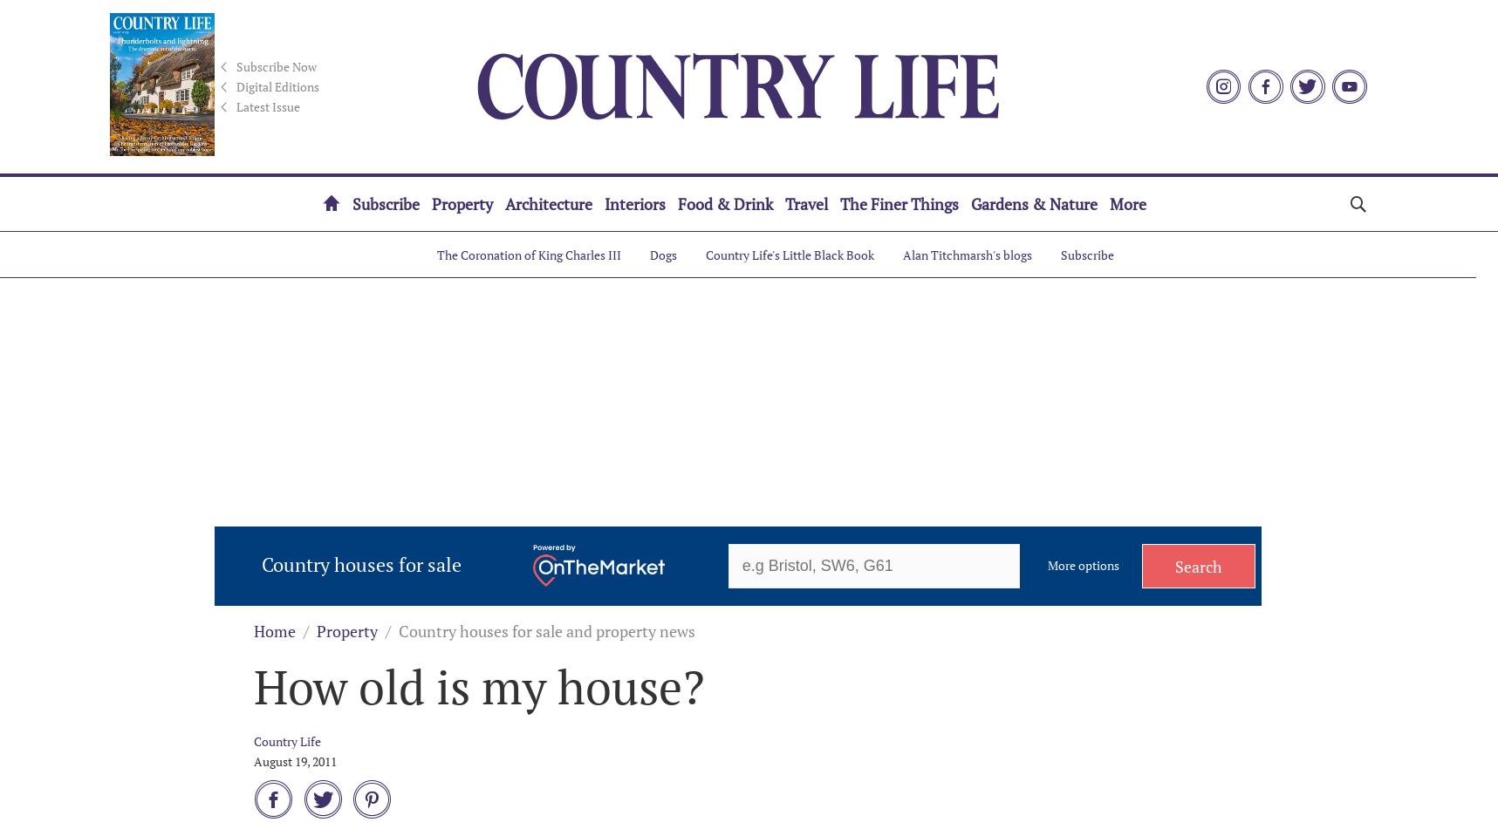 This screenshot has width=1498, height=829. Describe the element at coordinates (275, 66) in the screenshot. I see `'Subscribe Now'` at that location.